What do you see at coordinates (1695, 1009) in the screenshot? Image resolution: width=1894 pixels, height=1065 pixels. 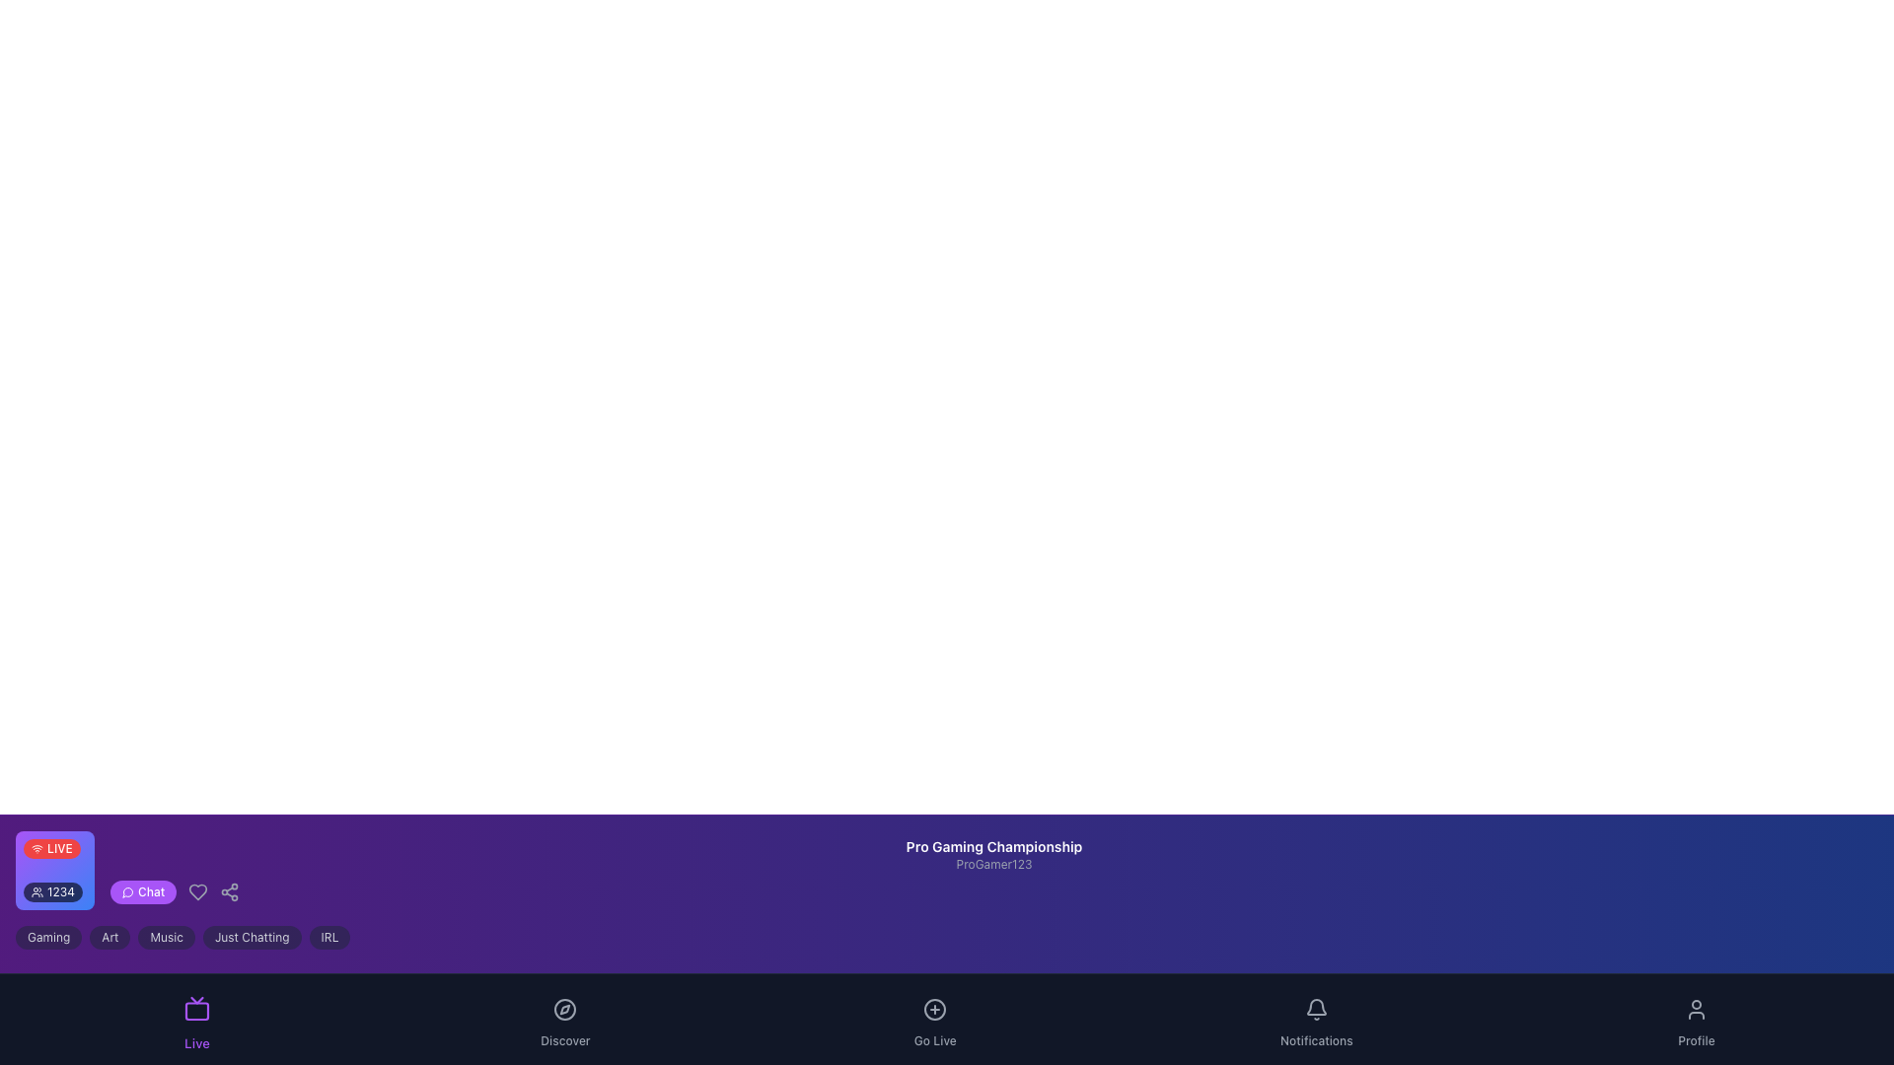 I see `the user icon in the 'Profile' section of the bottom navigation bar` at bounding box center [1695, 1009].